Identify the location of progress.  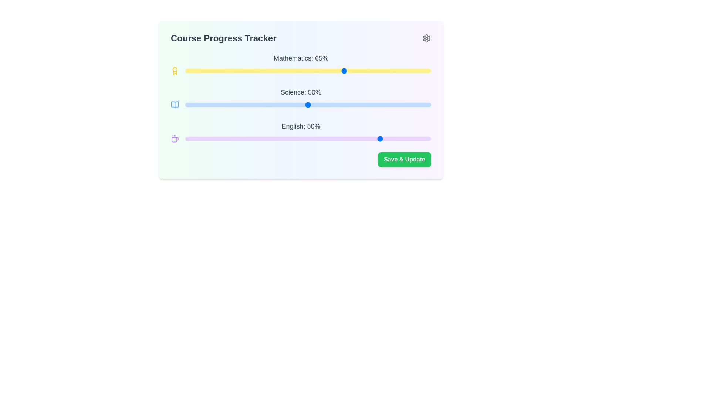
(285, 105).